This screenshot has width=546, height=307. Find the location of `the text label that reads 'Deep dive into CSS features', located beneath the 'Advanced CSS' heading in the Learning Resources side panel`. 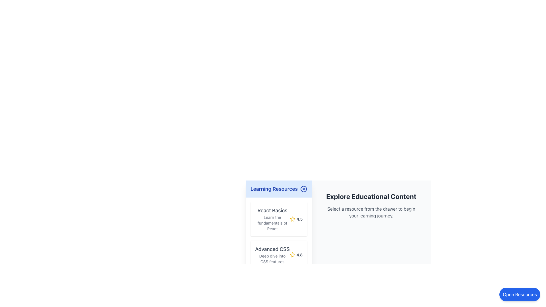

the text label that reads 'Deep dive into CSS features', located beneath the 'Advanced CSS' heading in the Learning Resources side panel is located at coordinates (272, 259).